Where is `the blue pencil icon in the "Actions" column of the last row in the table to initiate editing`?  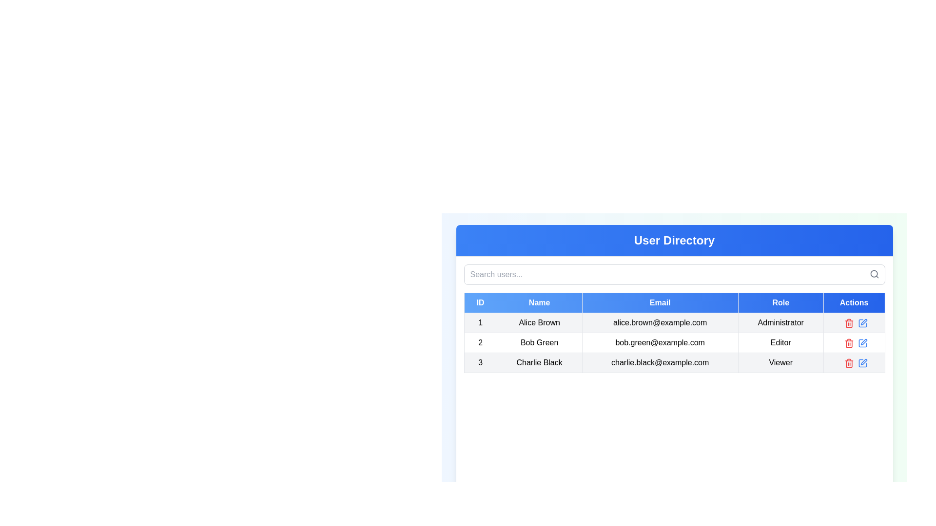 the blue pencil icon in the "Actions" column of the last row in the table to initiate editing is located at coordinates (863, 362).